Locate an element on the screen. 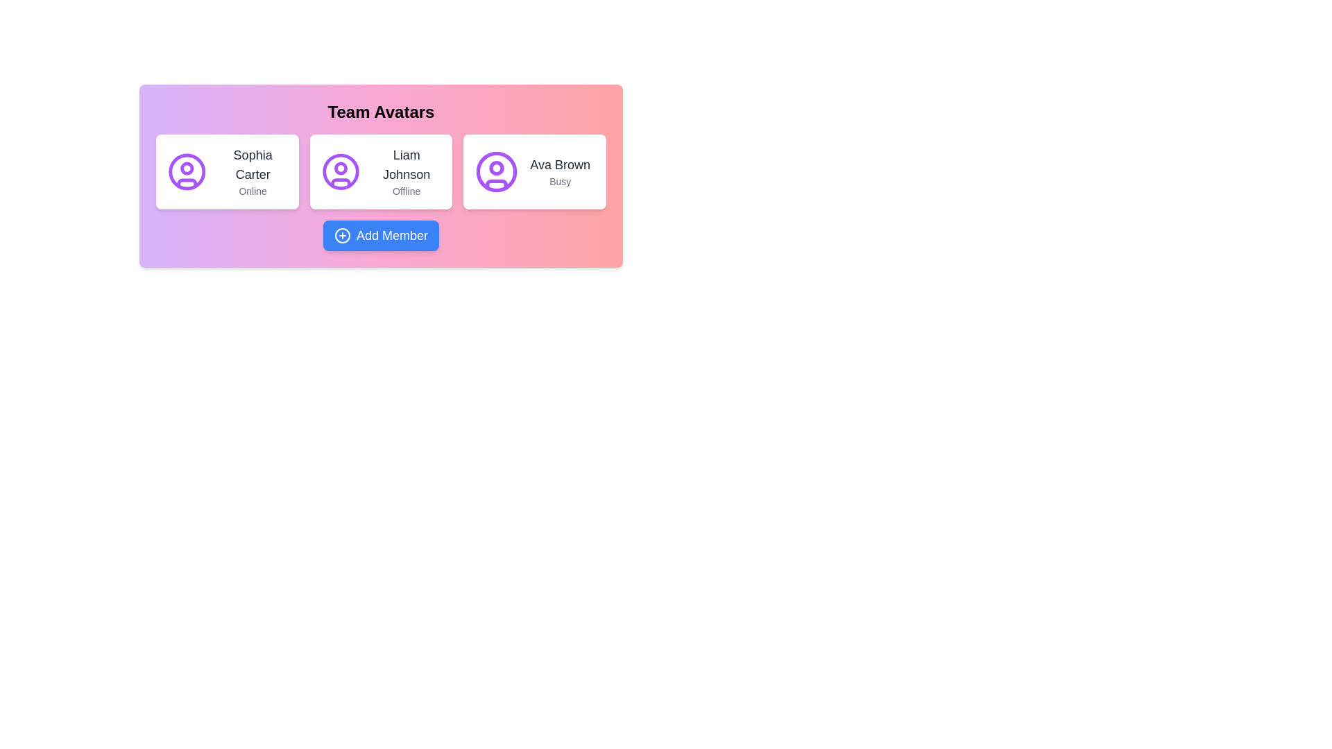  the Informational Card displaying user information, located in the center of a row of three similar cards is located at coordinates (381, 171).